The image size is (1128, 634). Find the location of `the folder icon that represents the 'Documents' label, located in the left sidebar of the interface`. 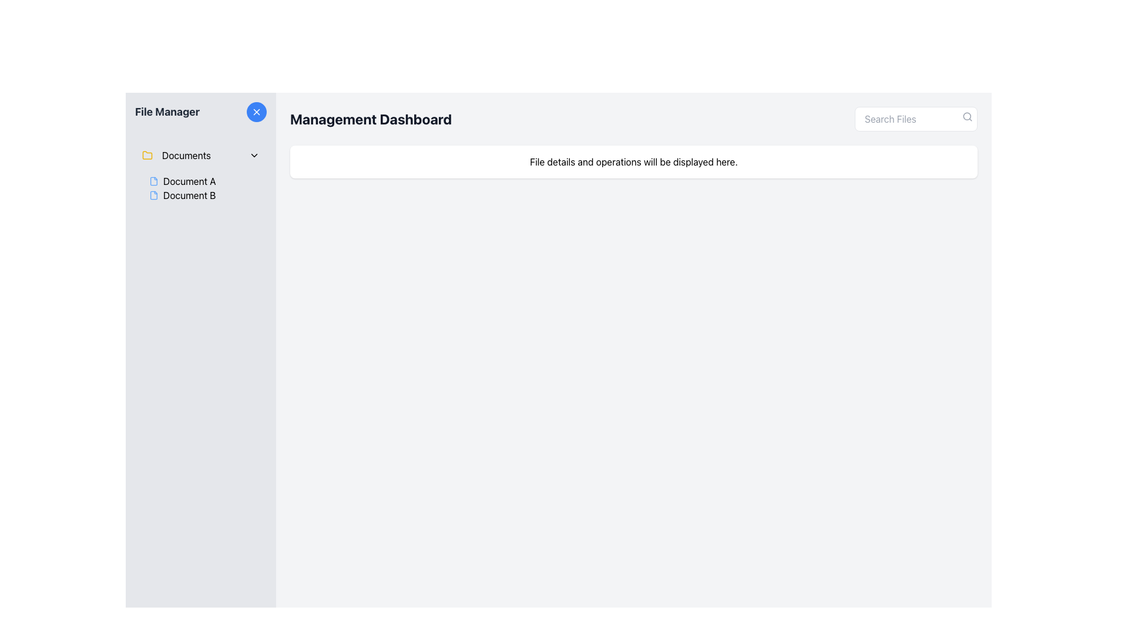

the folder icon that represents the 'Documents' label, located in the left sidebar of the interface is located at coordinates (146, 155).